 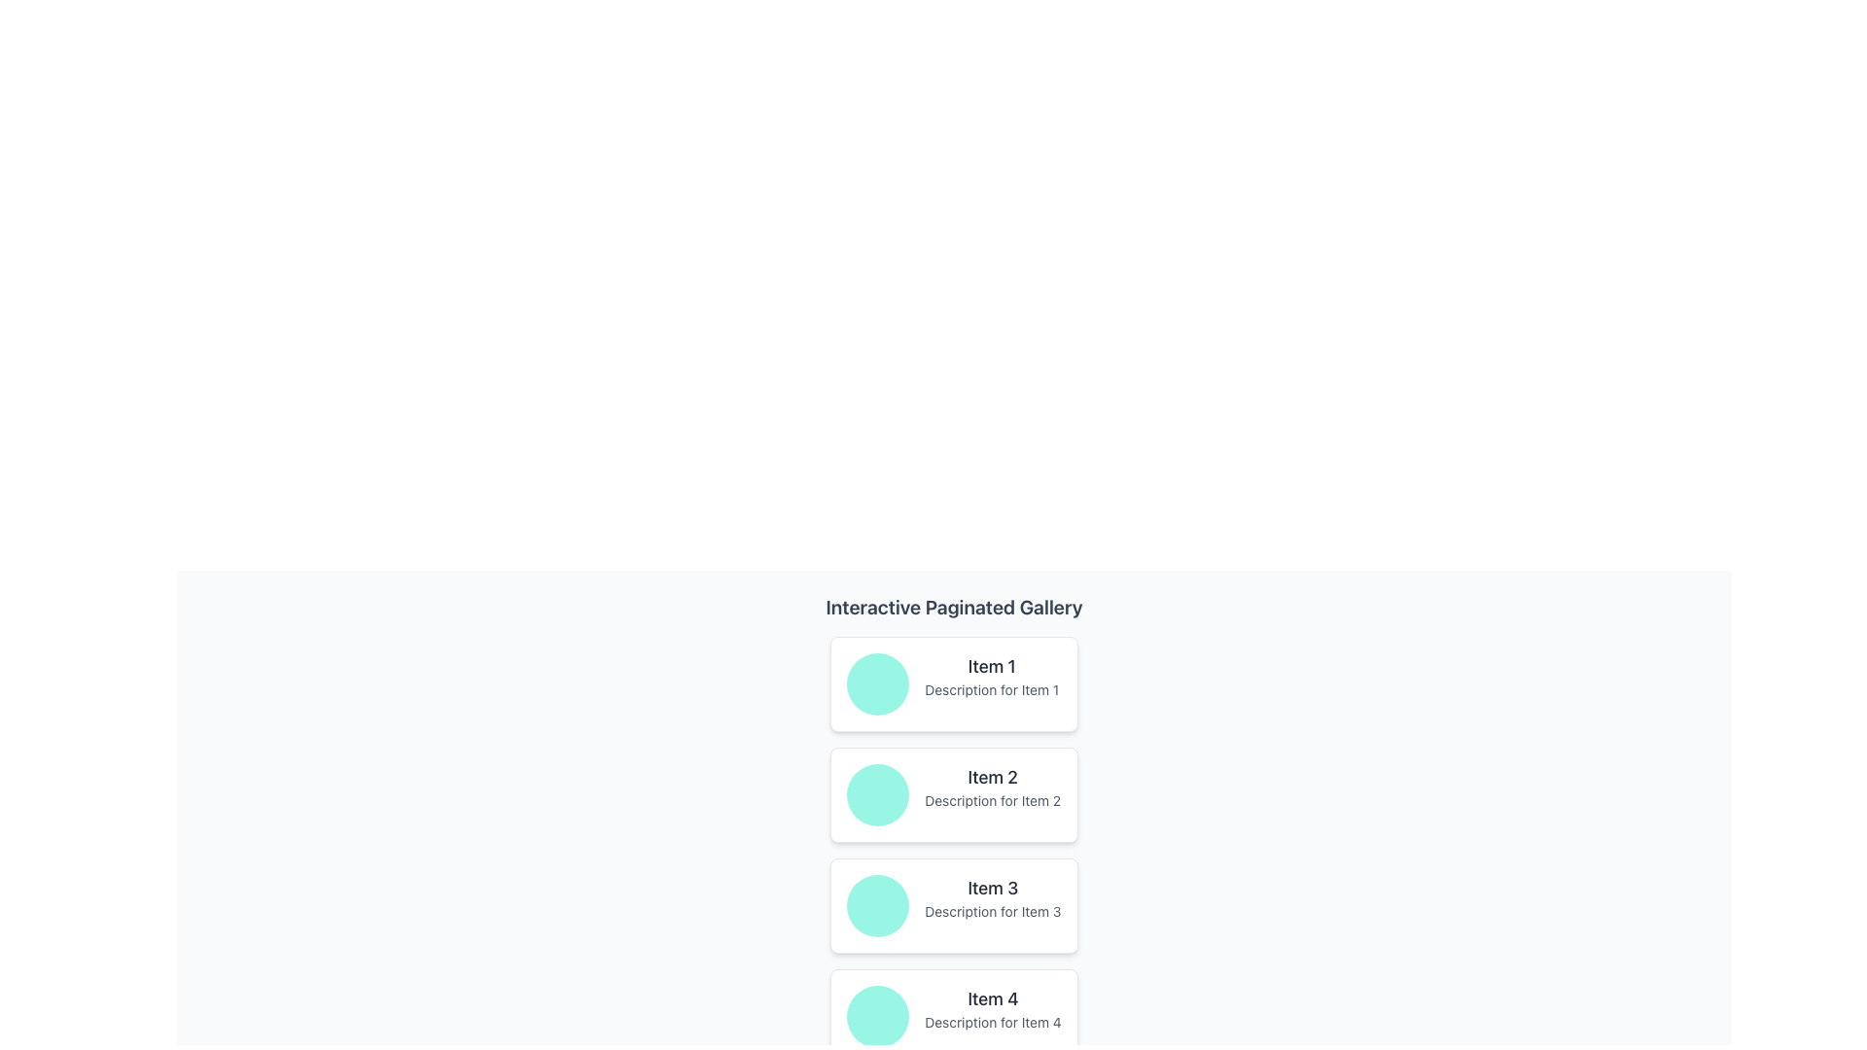 What do you see at coordinates (993, 1022) in the screenshot?
I see `the static text label reading 'Description for Item 4' located beneath the title 'Item 4' within its card` at bounding box center [993, 1022].